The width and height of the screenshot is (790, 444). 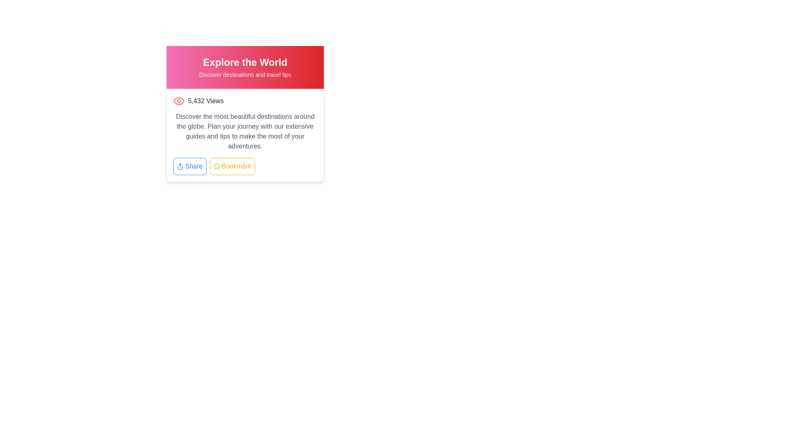 What do you see at coordinates (216, 166) in the screenshot?
I see `the minimalist bookmark-shaped icon located inside the 'Bookmark' button near the bottom-right of the interface, positioned to the left of the text 'Bookmark'` at bounding box center [216, 166].